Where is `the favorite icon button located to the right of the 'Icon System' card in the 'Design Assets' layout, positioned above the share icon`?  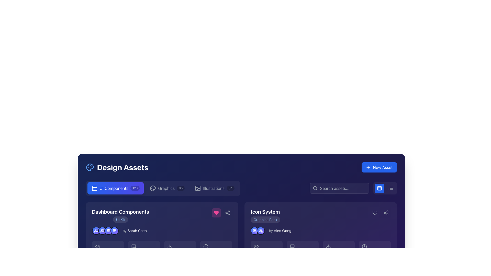
the favorite icon button located to the right of the 'Icon System' card in the 'Design Assets' layout, positioned above the share icon is located at coordinates (375, 213).